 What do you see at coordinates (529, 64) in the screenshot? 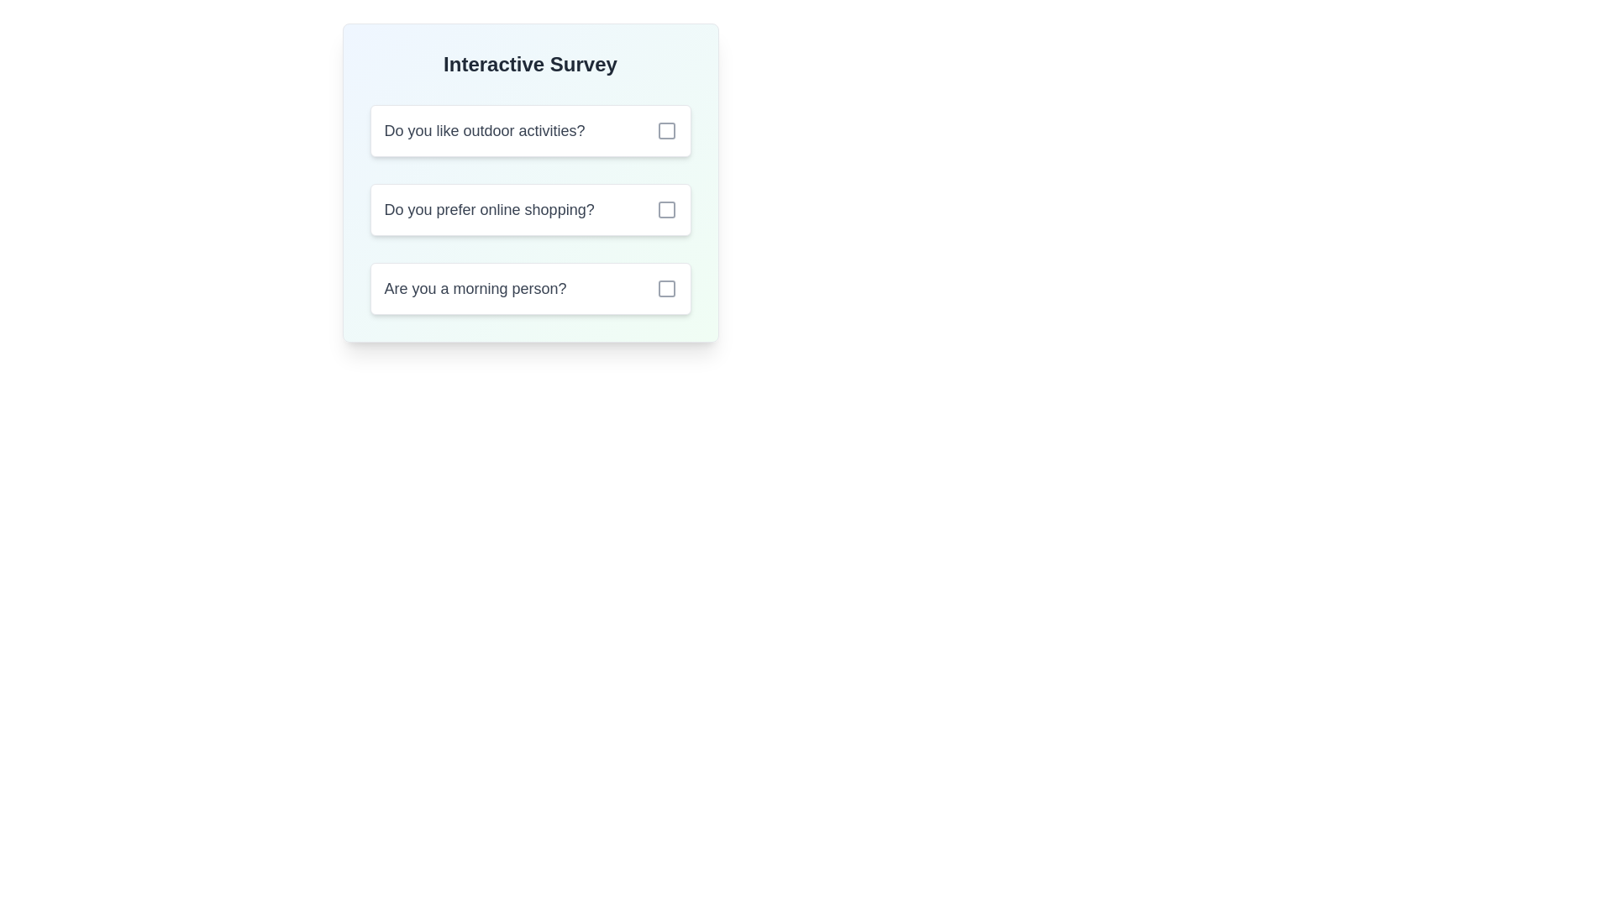
I see `the header text 'Interactive Survey', which is styled in bold and large font size, centrally aligned at the top of the card layout with a gradient background` at bounding box center [529, 64].